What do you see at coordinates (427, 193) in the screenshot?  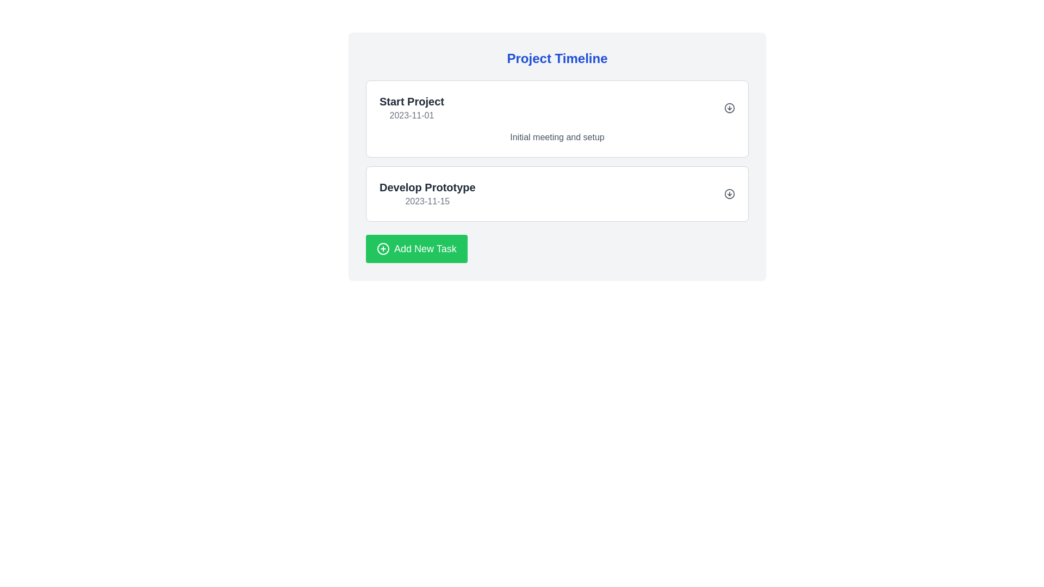 I see `task name 'Develop Prototype' and the deadline '2023-11-15' from the text display which is visually represented in bold black font and smaller gray font respectively` at bounding box center [427, 193].